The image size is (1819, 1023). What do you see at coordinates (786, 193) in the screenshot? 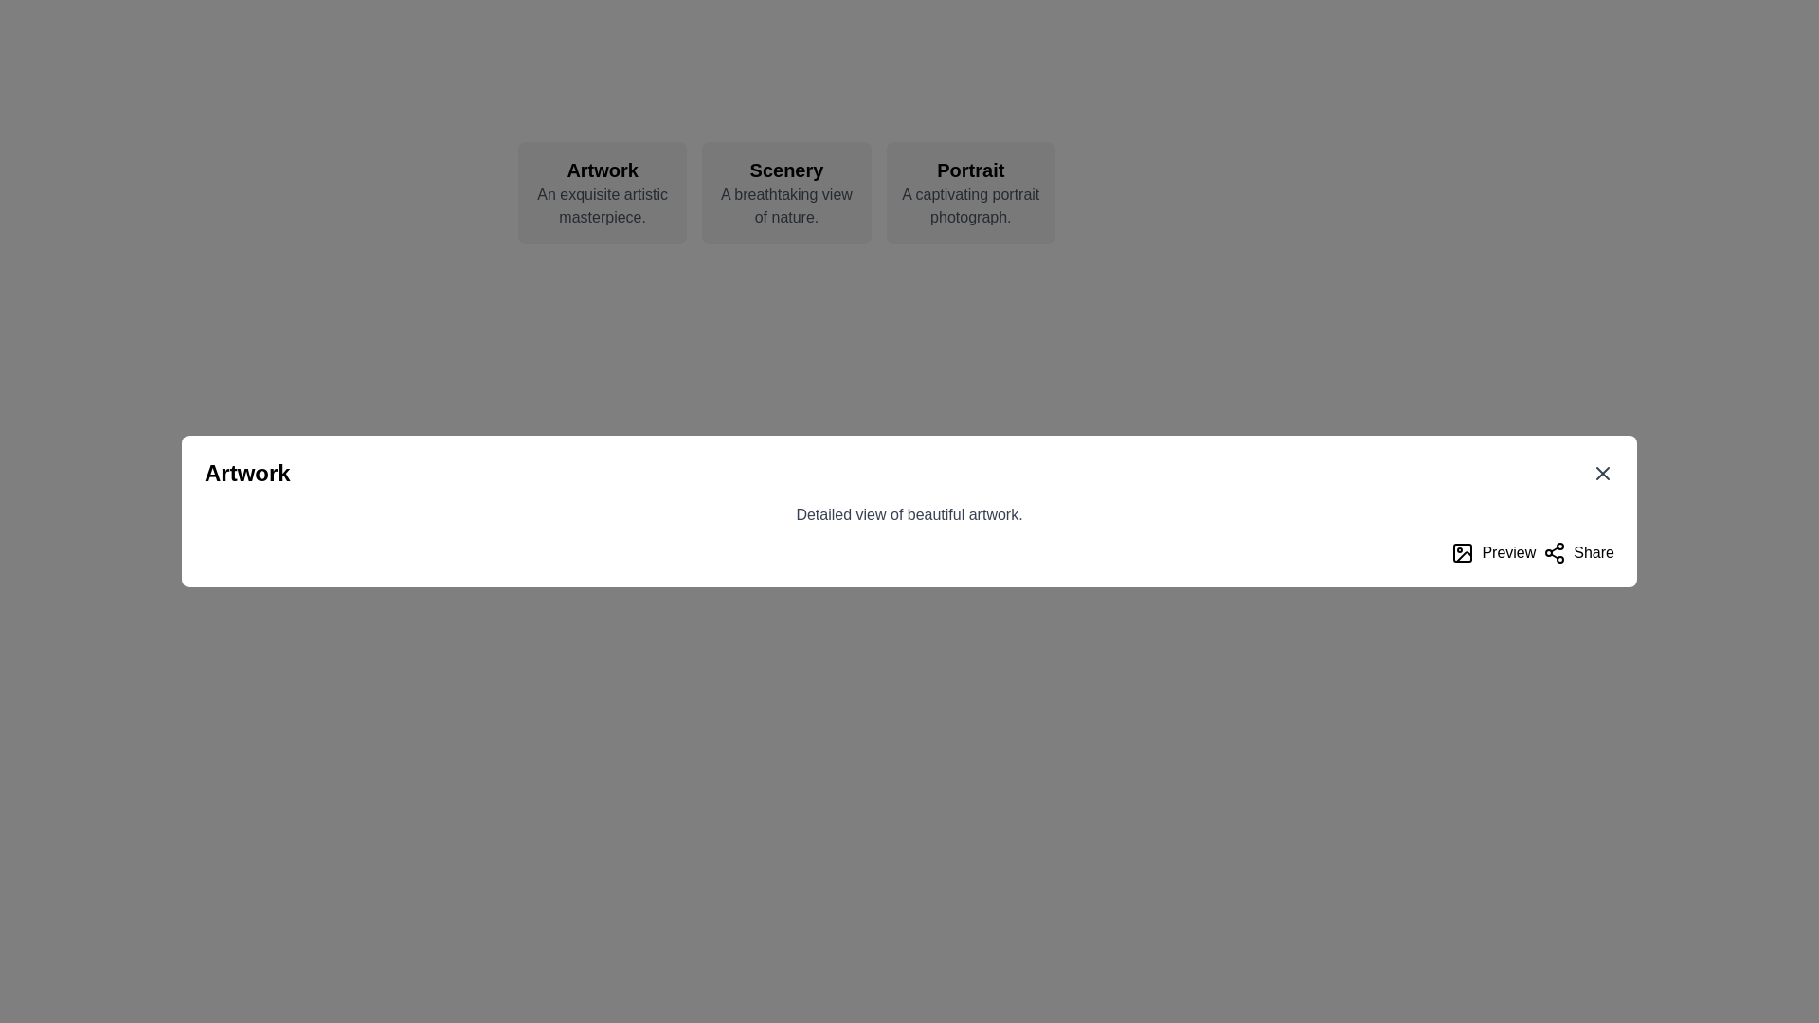
I see `the 'Scenery' informational card` at bounding box center [786, 193].